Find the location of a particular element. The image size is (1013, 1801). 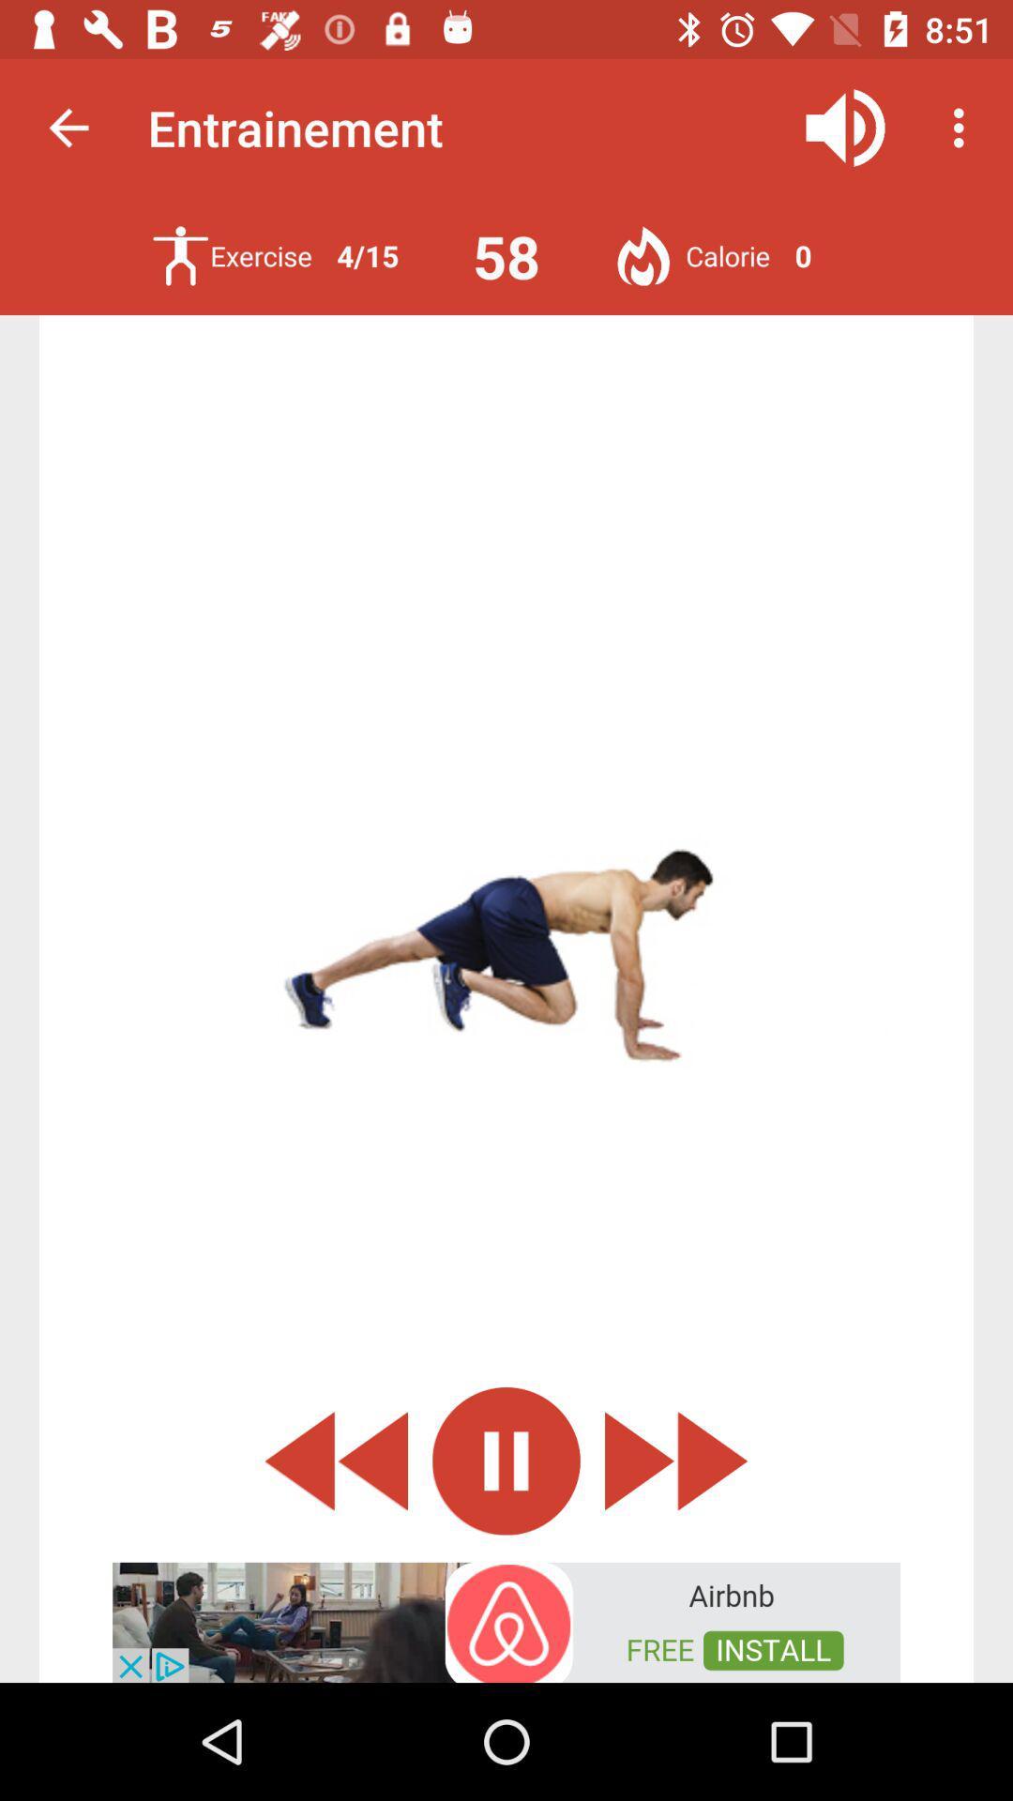

volume is located at coordinates (845, 127).